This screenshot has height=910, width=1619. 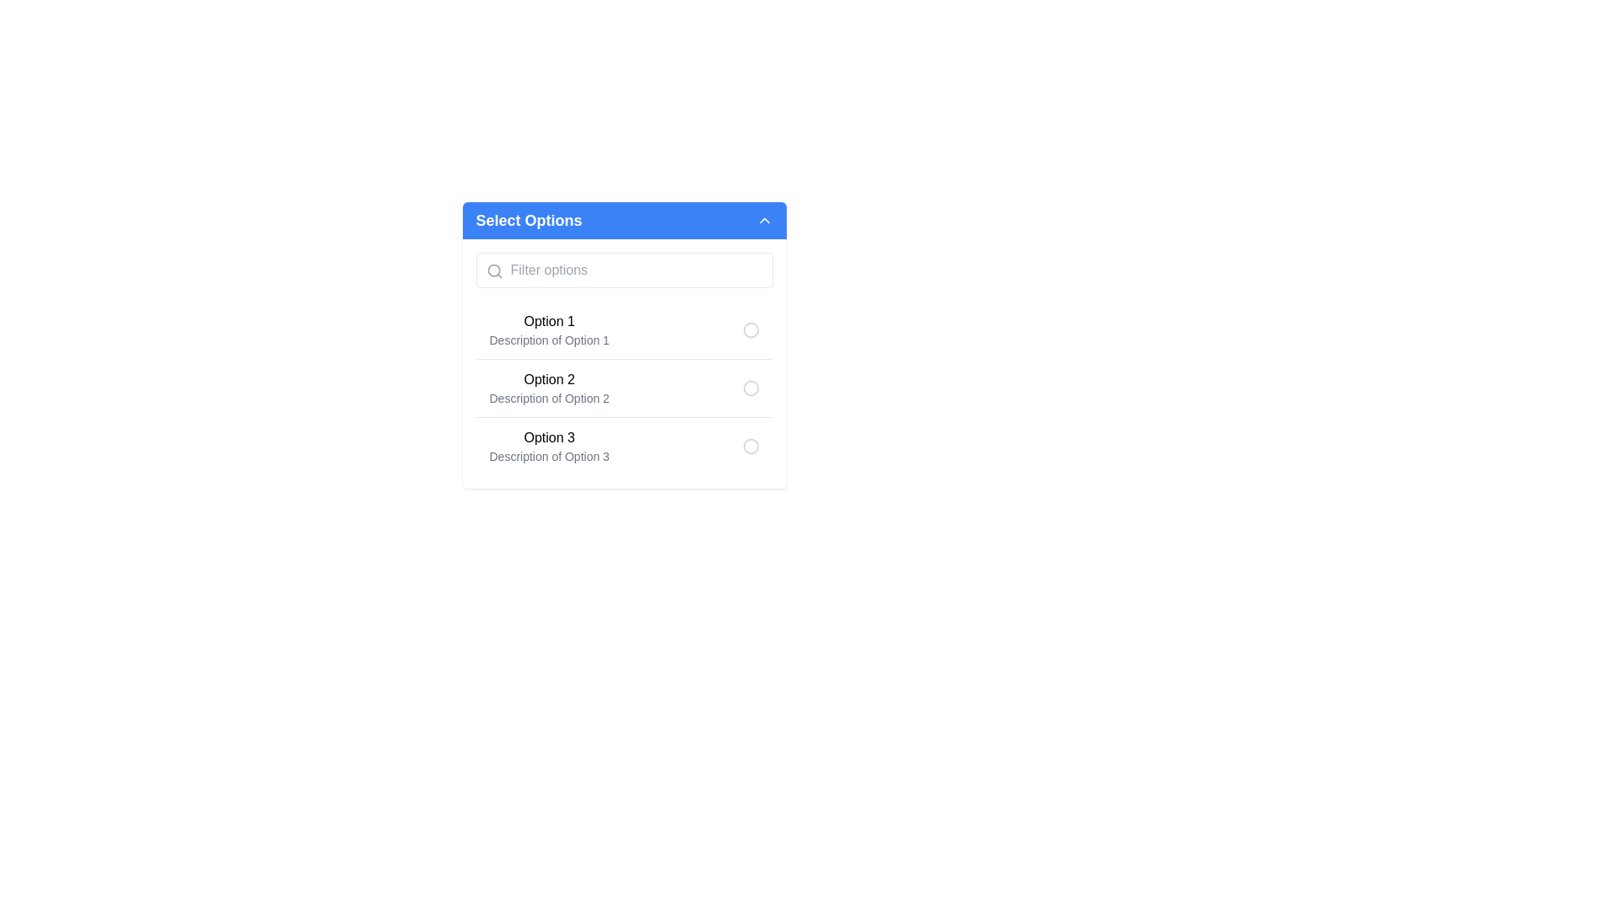 I want to click on text label for the third selectable option in the 'Select Options' dropdown, which serves as the main identifier for that option, so click(x=549, y=437).